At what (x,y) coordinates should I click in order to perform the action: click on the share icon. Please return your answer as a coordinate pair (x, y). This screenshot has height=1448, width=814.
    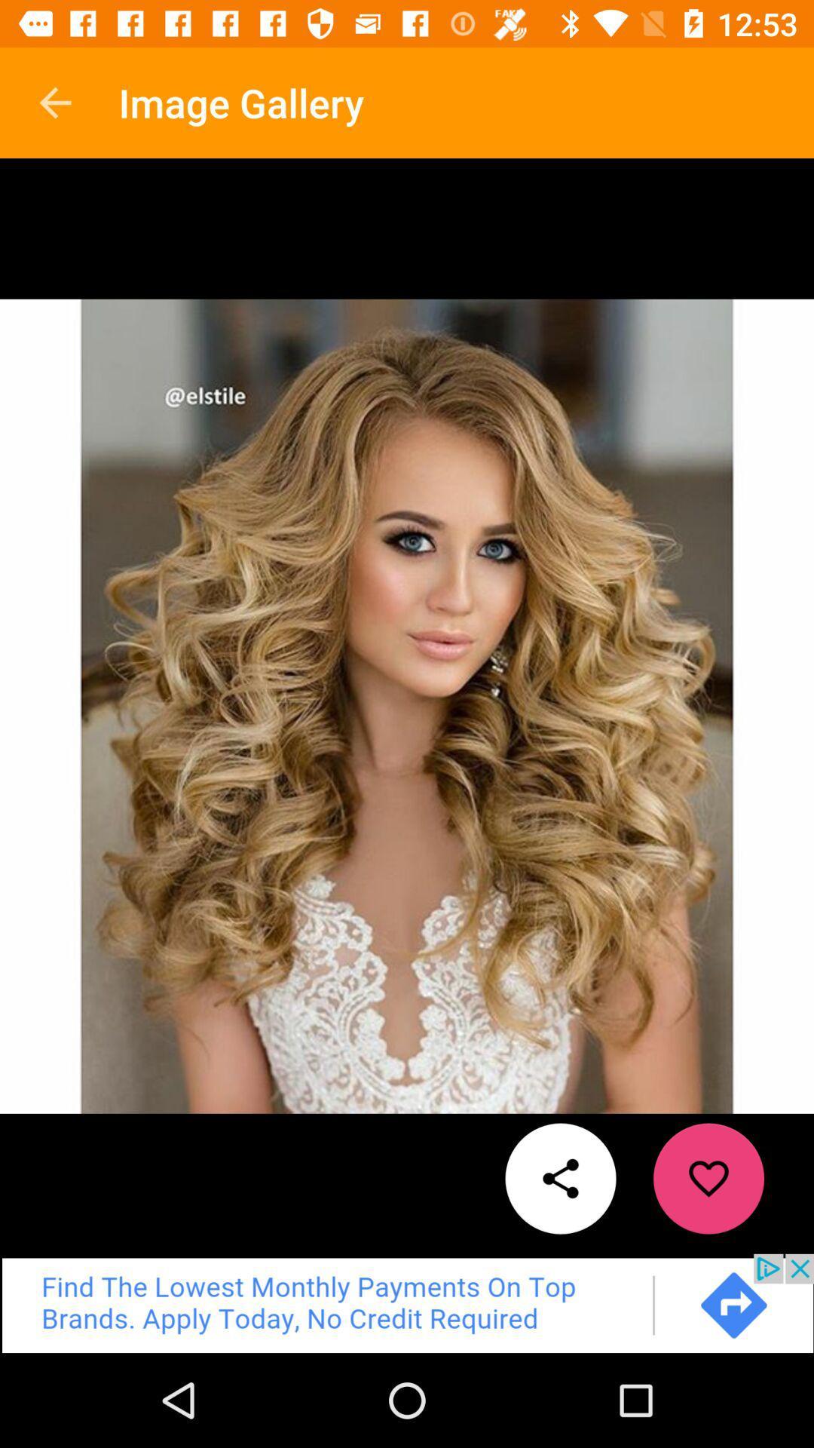
    Looking at the image, I should click on (561, 1178).